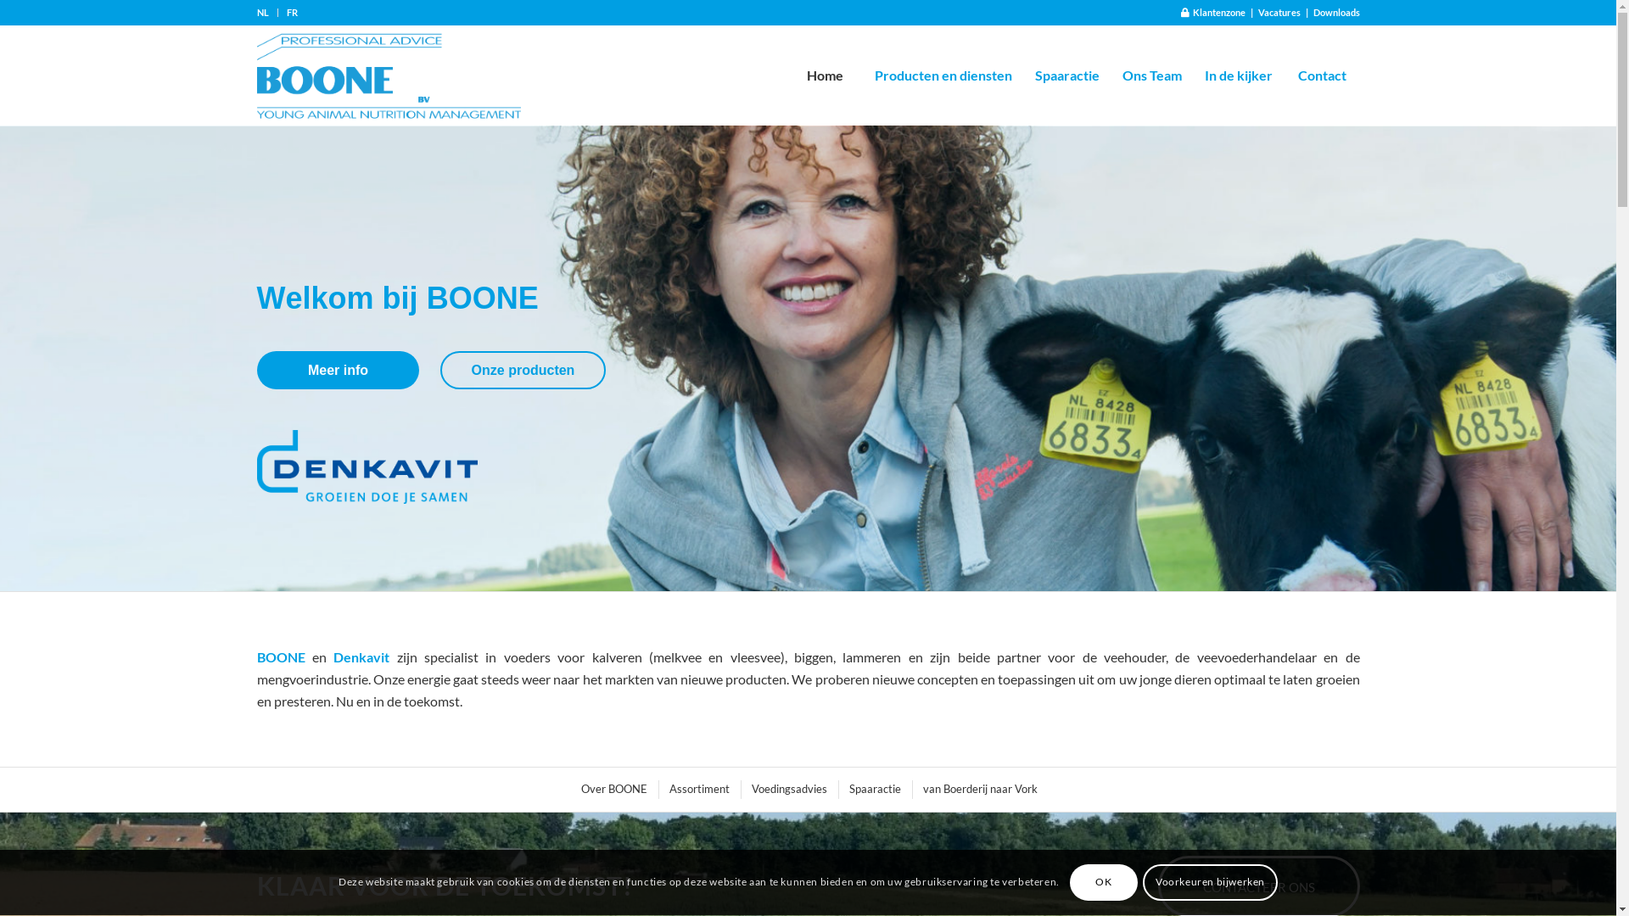 Image resolution: width=1629 pixels, height=916 pixels. Describe the element at coordinates (874, 789) in the screenshot. I see `'Spaaractie'` at that location.